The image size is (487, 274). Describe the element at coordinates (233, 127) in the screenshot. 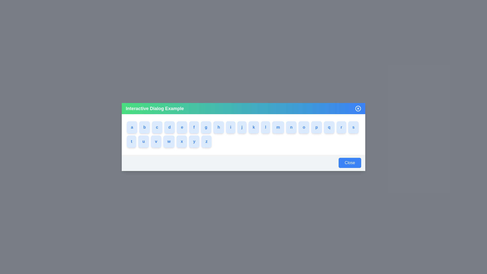

I see `the button labeled with i` at that location.